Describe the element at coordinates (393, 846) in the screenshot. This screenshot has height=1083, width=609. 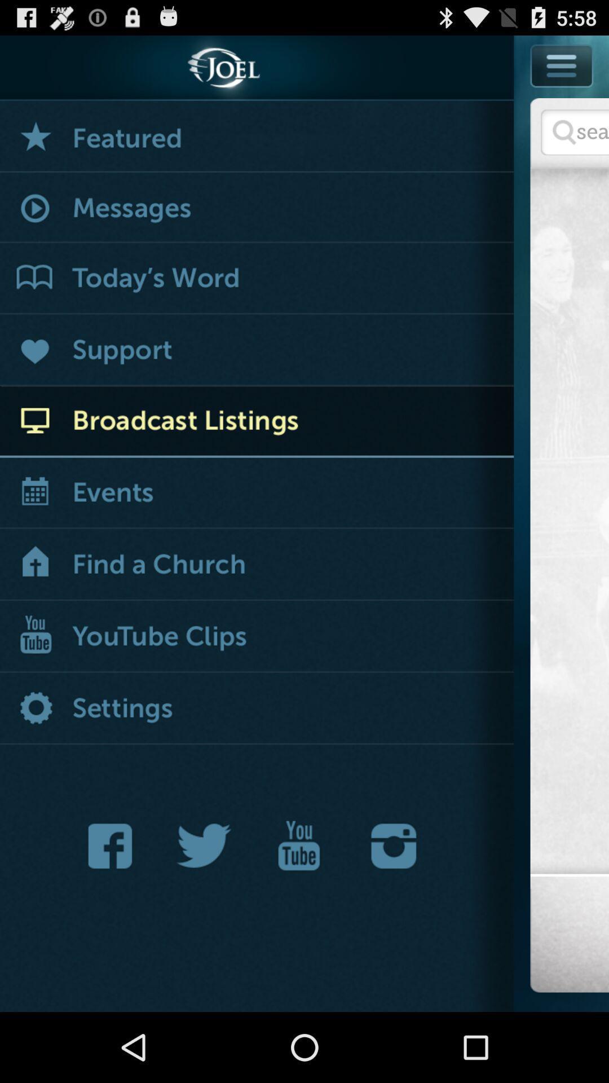
I see `joel 's instagram` at that location.